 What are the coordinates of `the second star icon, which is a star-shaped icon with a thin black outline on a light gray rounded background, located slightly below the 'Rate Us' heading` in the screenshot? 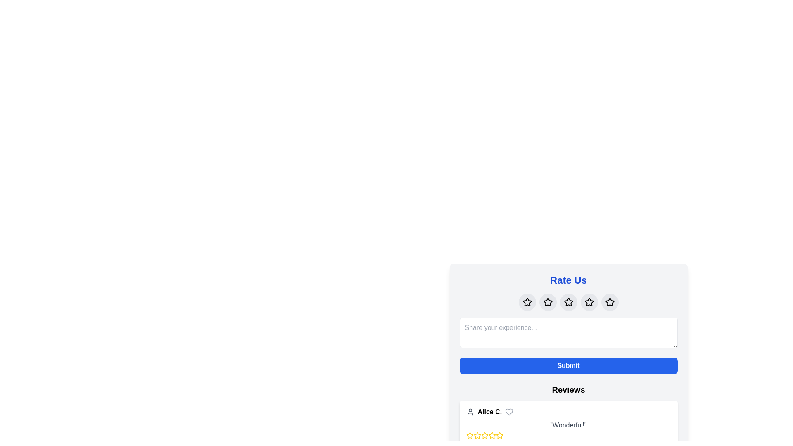 It's located at (548, 302).